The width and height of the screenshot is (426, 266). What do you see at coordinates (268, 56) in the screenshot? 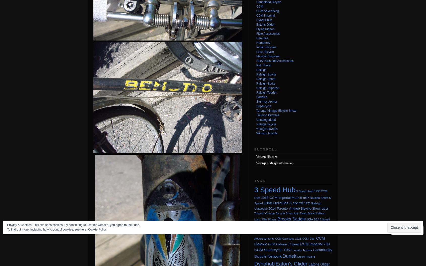
I see `'Mexican Bicycles'` at bounding box center [268, 56].